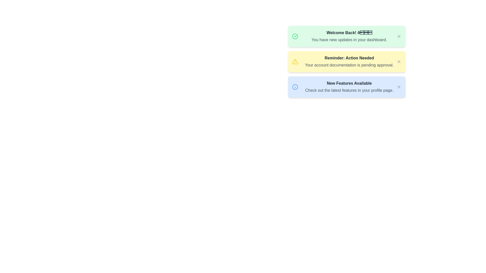 This screenshot has height=273, width=486. What do you see at coordinates (349, 36) in the screenshot?
I see `the text label that says 'Welcome Back! 🎉 You have new updates in your dashboard.' which is located in the center of a green notification card` at bounding box center [349, 36].